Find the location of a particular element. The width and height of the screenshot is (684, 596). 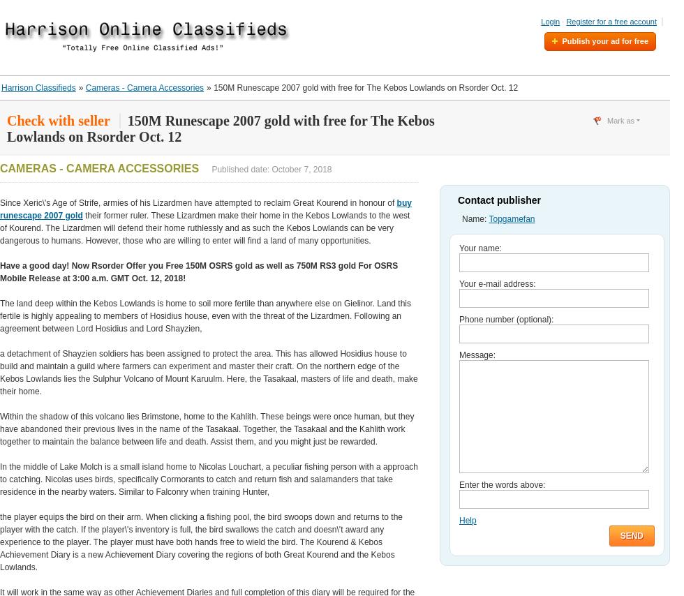

'at 3:00 a.m. GMT Oct. 12, 2018!' is located at coordinates (124, 278).